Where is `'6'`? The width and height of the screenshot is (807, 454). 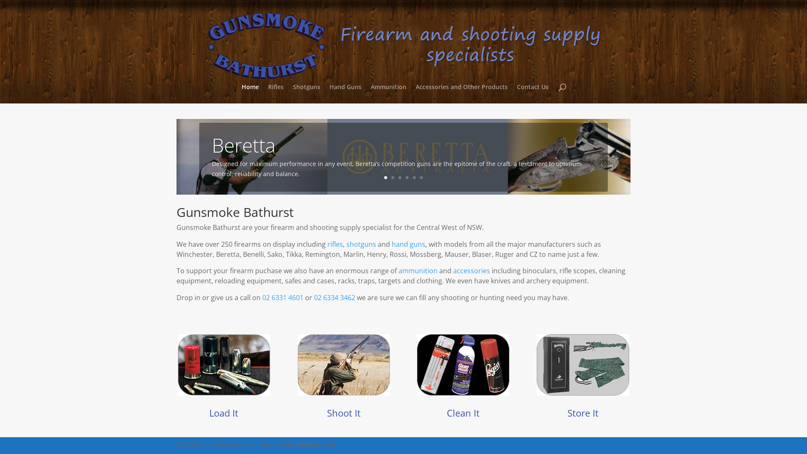 '6' is located at coordinates (419, 177).